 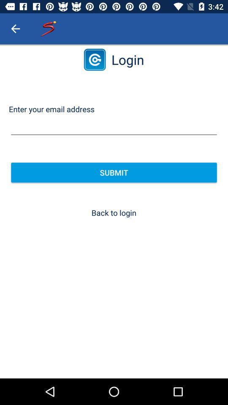 What do you see at coordinates (114, 126) in the screenshot?
I see `email address field` at bounding box center [114, 126].